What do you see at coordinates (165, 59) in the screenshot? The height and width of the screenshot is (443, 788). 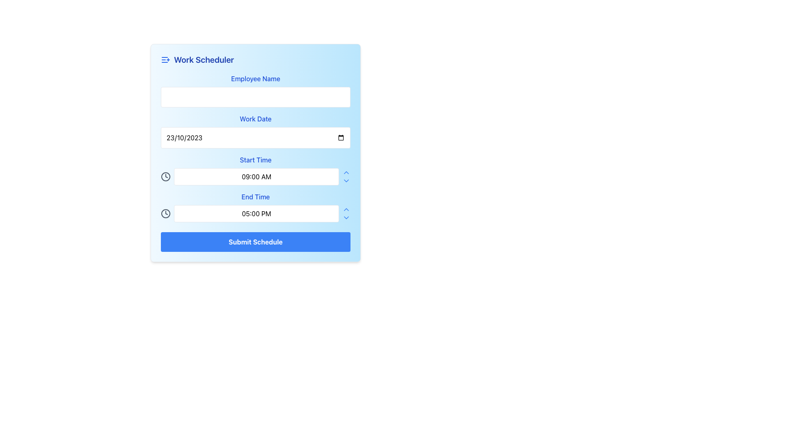 I see `the icon located at the leftmost side of the header section, next to the 'Work Scheduler' text` at bounding box center [165, 59].